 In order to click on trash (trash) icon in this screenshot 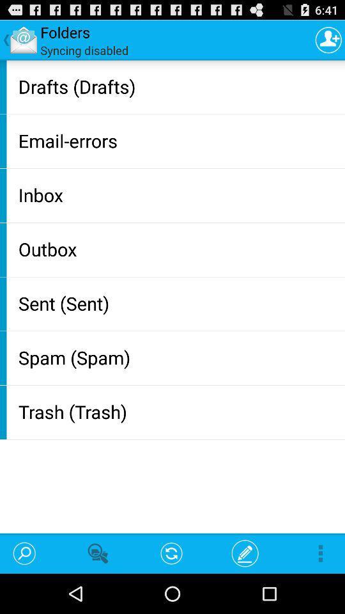, I will do `click(178, 411)`.